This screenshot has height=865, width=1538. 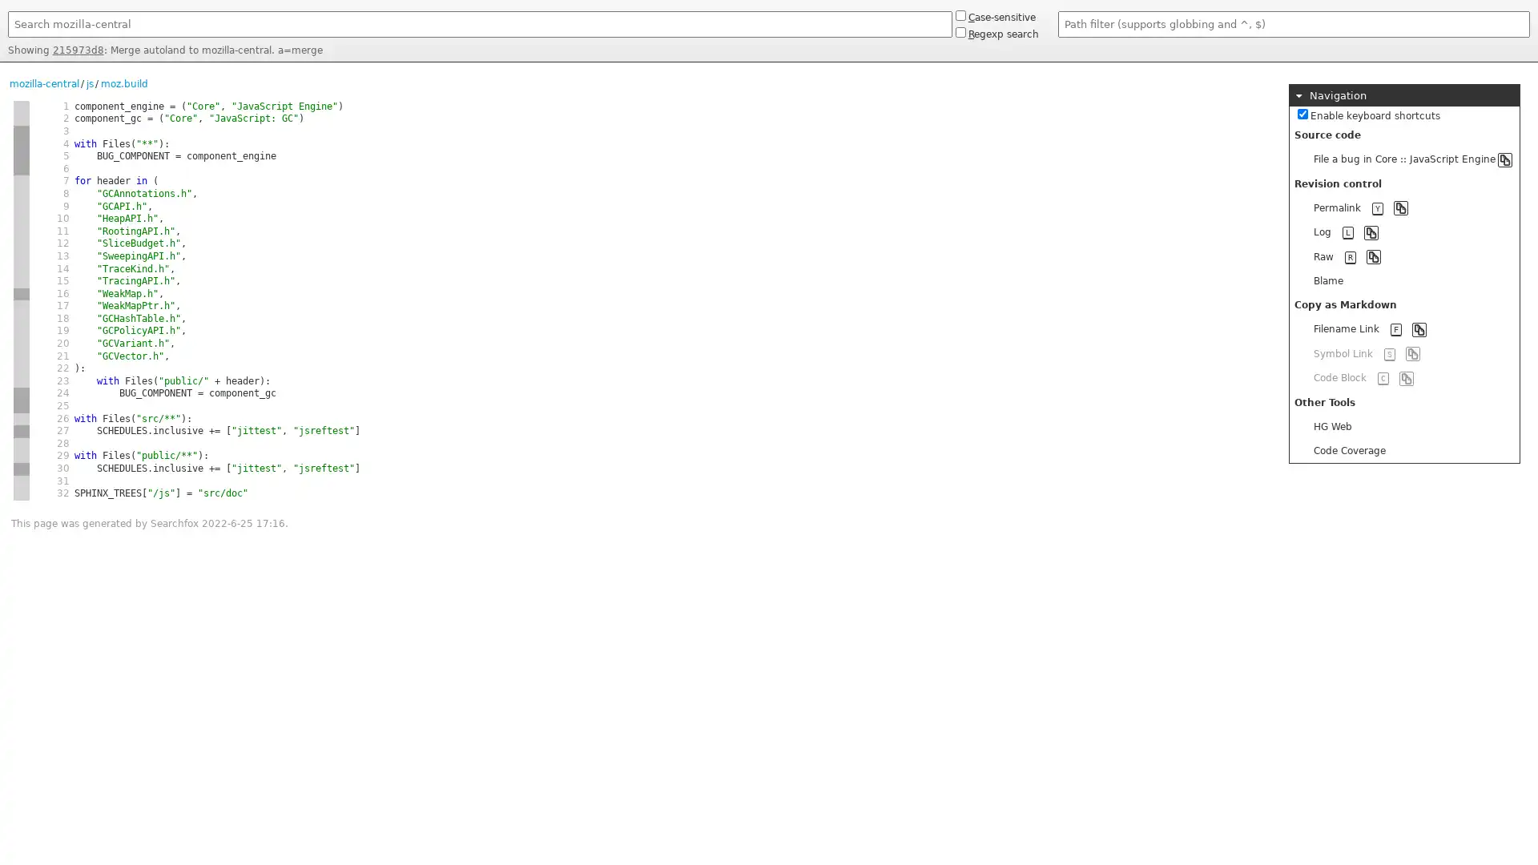 I want to click on new hash 4, so click(x=22, y=444).